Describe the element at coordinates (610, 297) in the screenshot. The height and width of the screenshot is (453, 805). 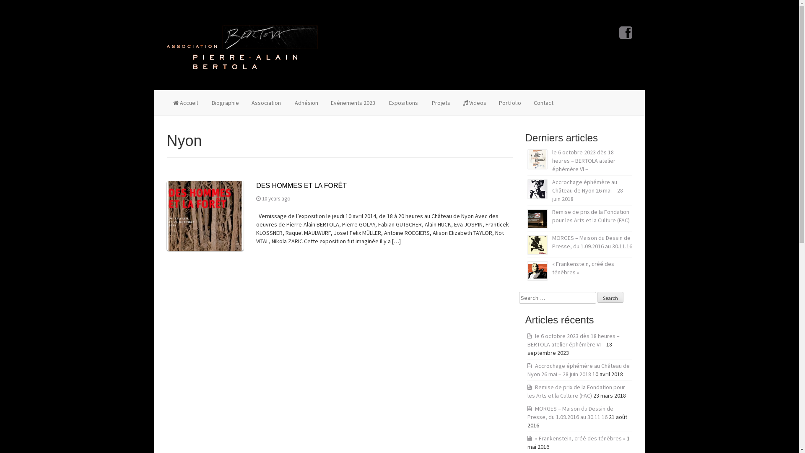
I see `'Search'` at that location.